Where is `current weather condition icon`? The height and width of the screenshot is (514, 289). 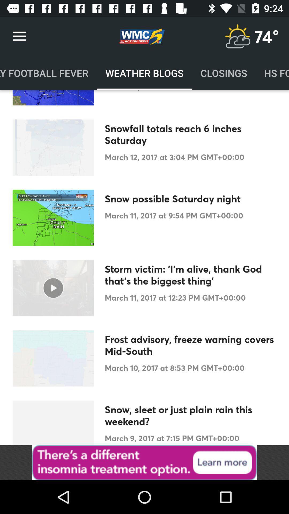
current weather condition icon is located at coordinates (237, 36).